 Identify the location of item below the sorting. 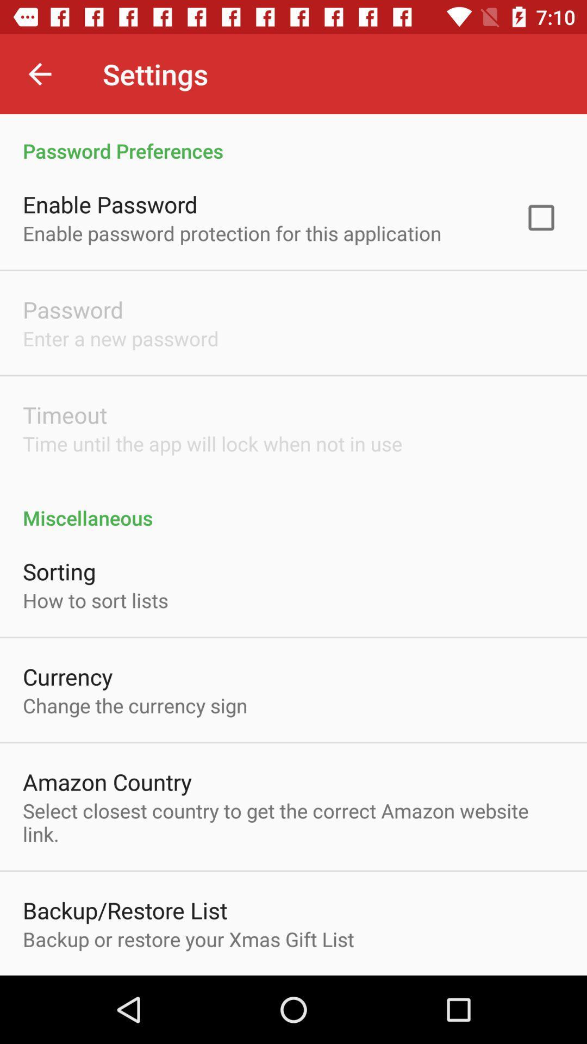
(95, 600).